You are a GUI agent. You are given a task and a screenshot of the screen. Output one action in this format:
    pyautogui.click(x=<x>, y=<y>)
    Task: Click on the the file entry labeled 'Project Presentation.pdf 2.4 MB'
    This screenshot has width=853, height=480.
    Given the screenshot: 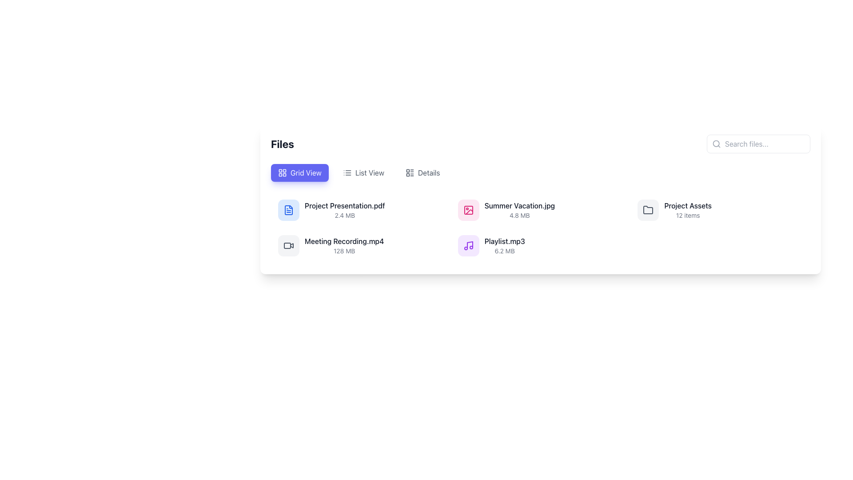 What is the action you would take?
    pyautogui.click(x=361, y=210)
    